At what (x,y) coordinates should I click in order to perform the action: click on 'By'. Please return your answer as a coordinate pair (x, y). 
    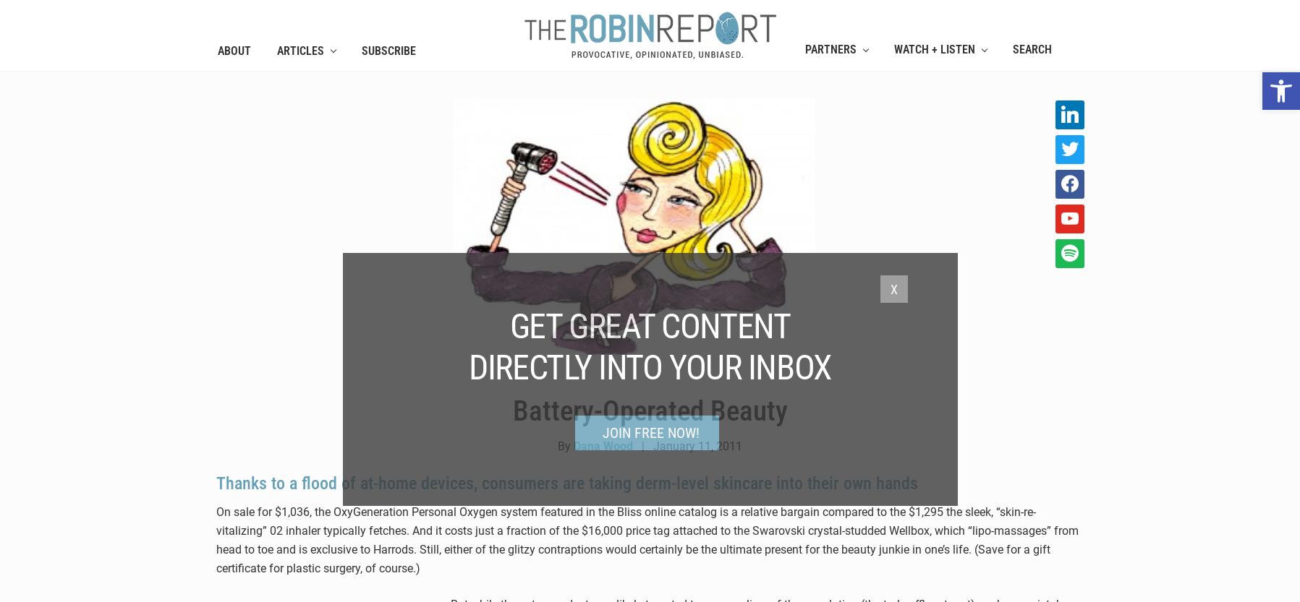
    Looking at the image, I should click on (556, 445).